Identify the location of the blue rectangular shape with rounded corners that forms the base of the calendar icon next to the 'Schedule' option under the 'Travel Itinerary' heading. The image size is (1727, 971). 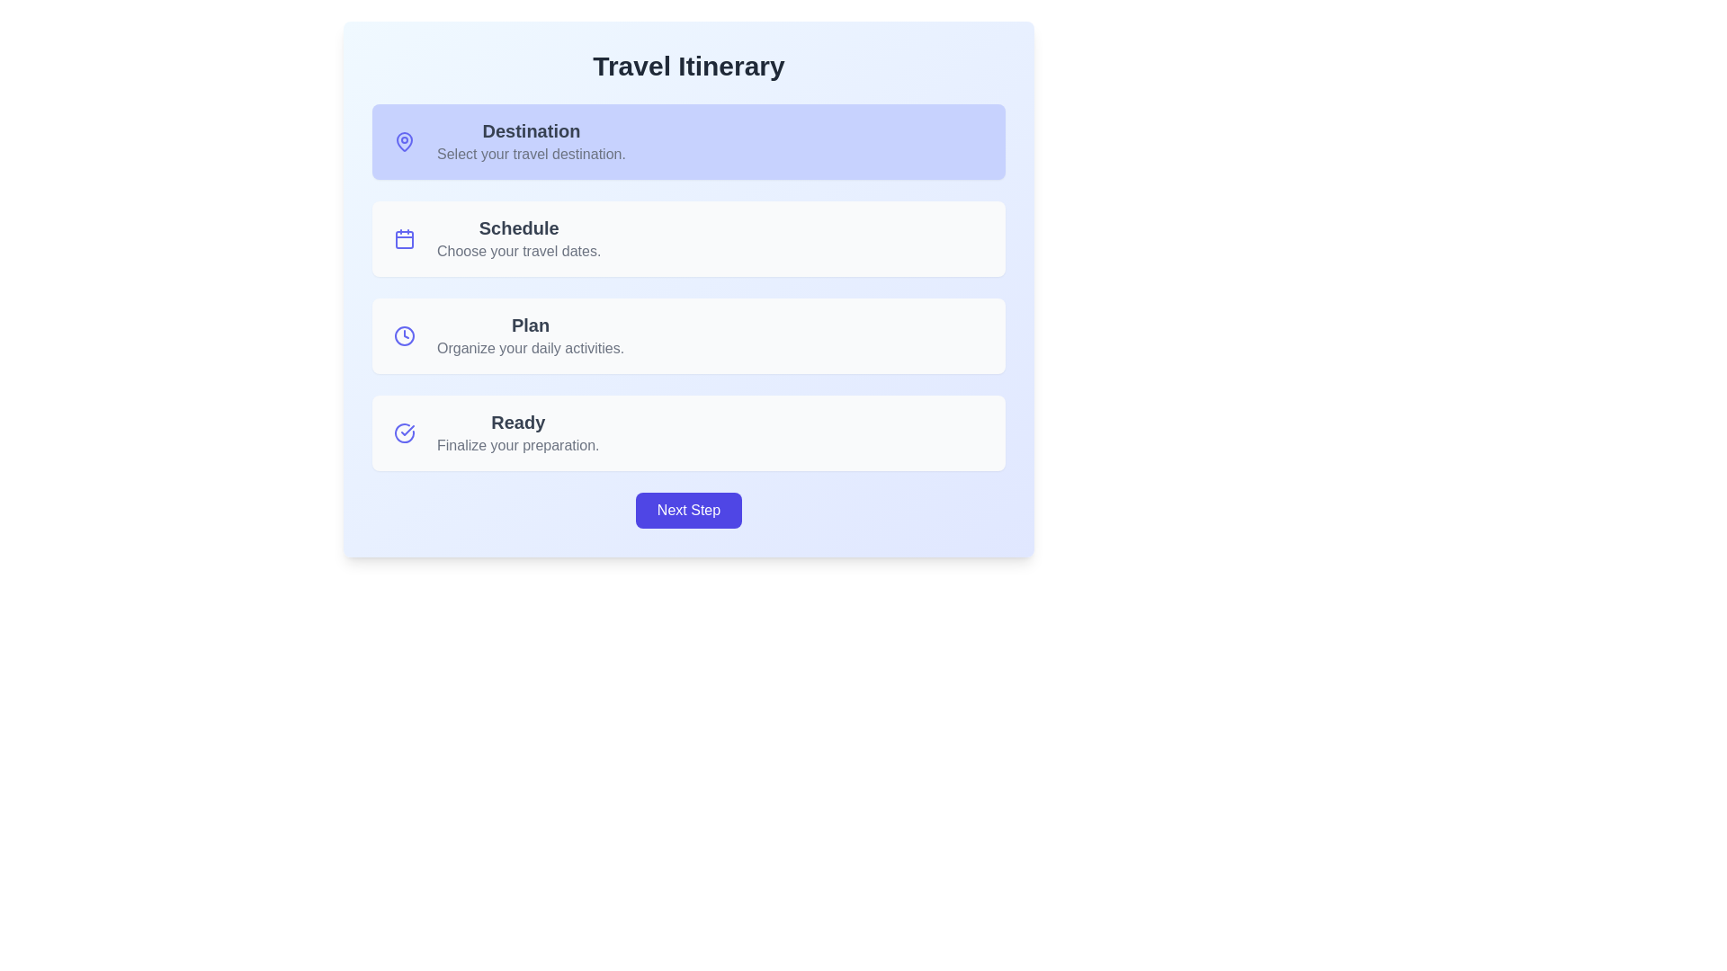
(404, 238).